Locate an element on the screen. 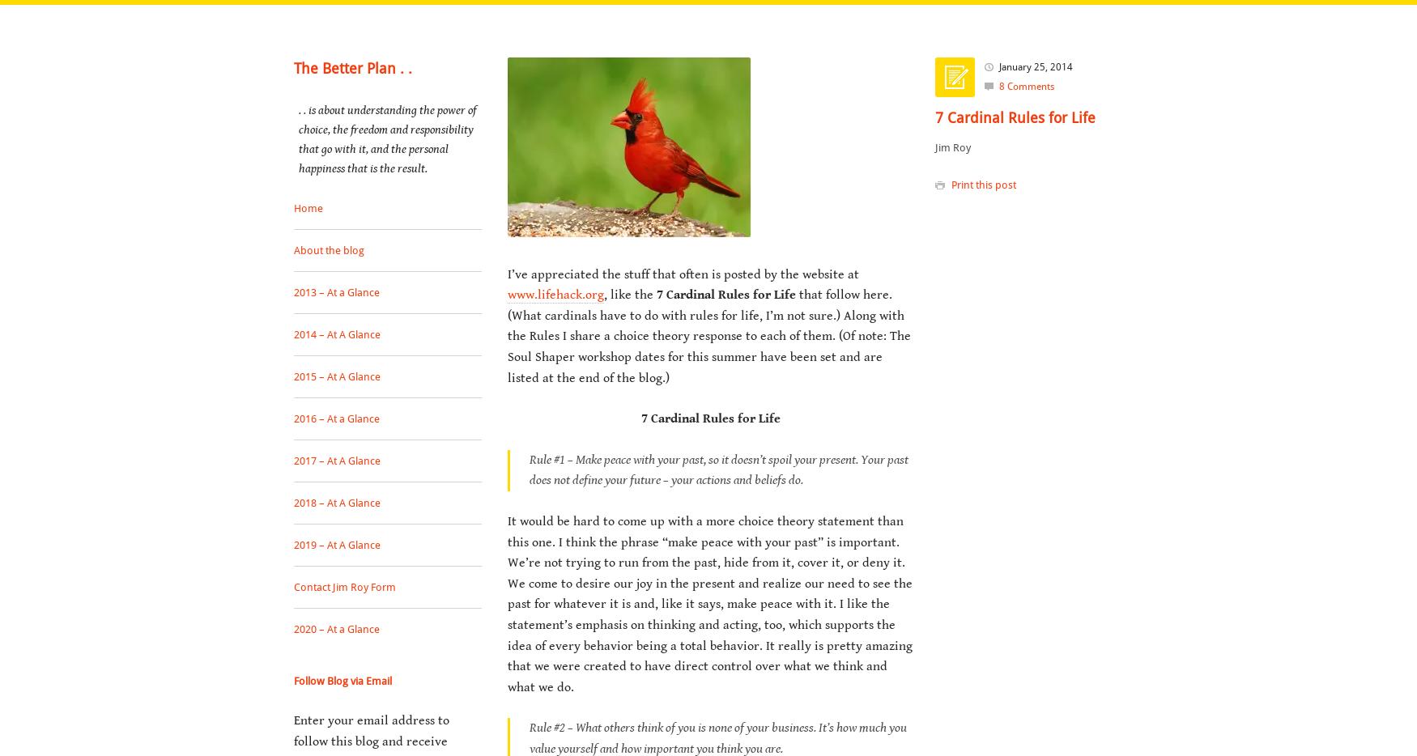 The height and width of the screenshot is (756, 1417). ', like the' is located at coordinates (629, 295).